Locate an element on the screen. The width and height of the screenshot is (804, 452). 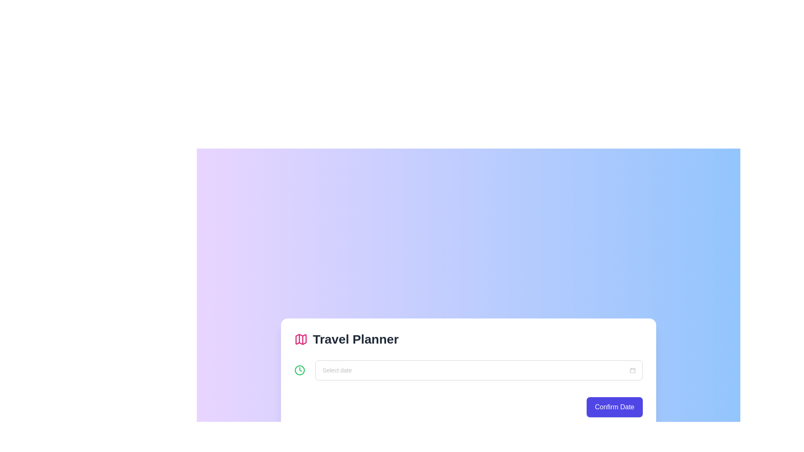
the SVG icon located at the top-left of the 'Select date' input field, which serves as an illustrative or decorative indicator for the input purpose is located at coordinates (300, 370).